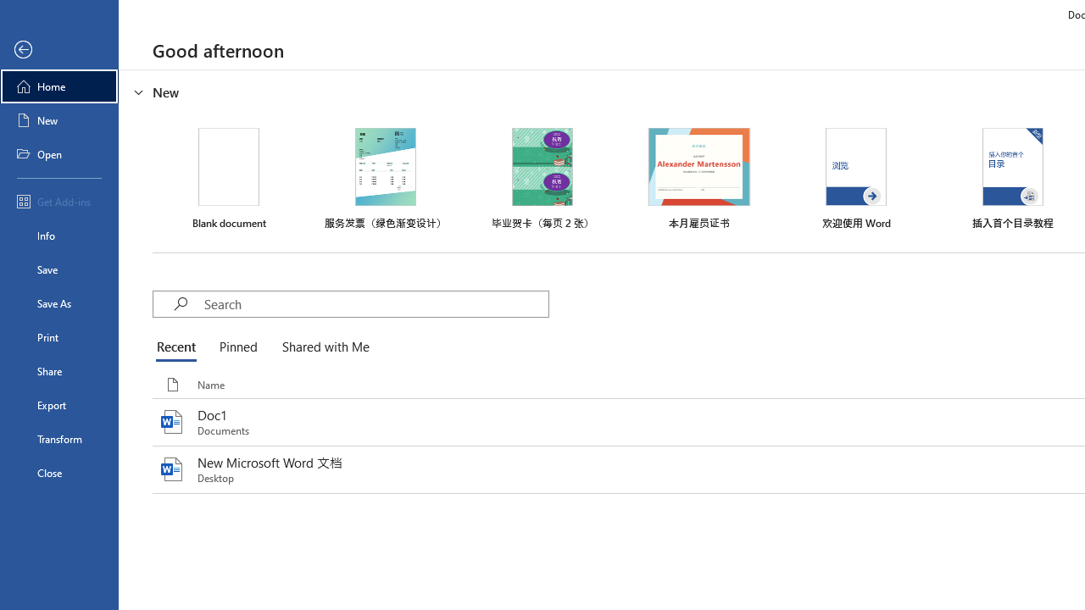  I want to click on 'Shared with Me', so click(322, 347).